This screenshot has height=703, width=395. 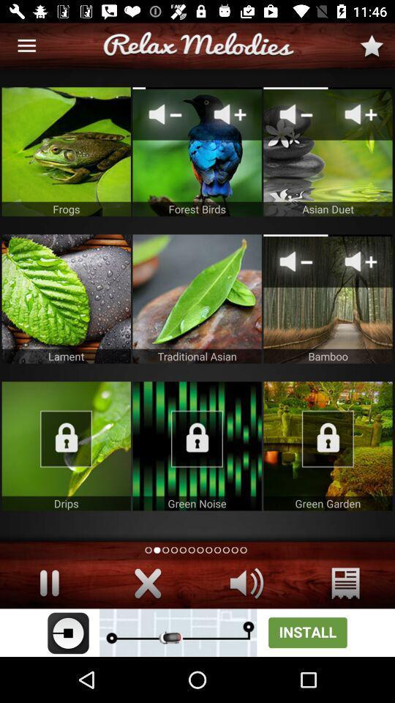 I want to click on image, so click(x=197, y=152).